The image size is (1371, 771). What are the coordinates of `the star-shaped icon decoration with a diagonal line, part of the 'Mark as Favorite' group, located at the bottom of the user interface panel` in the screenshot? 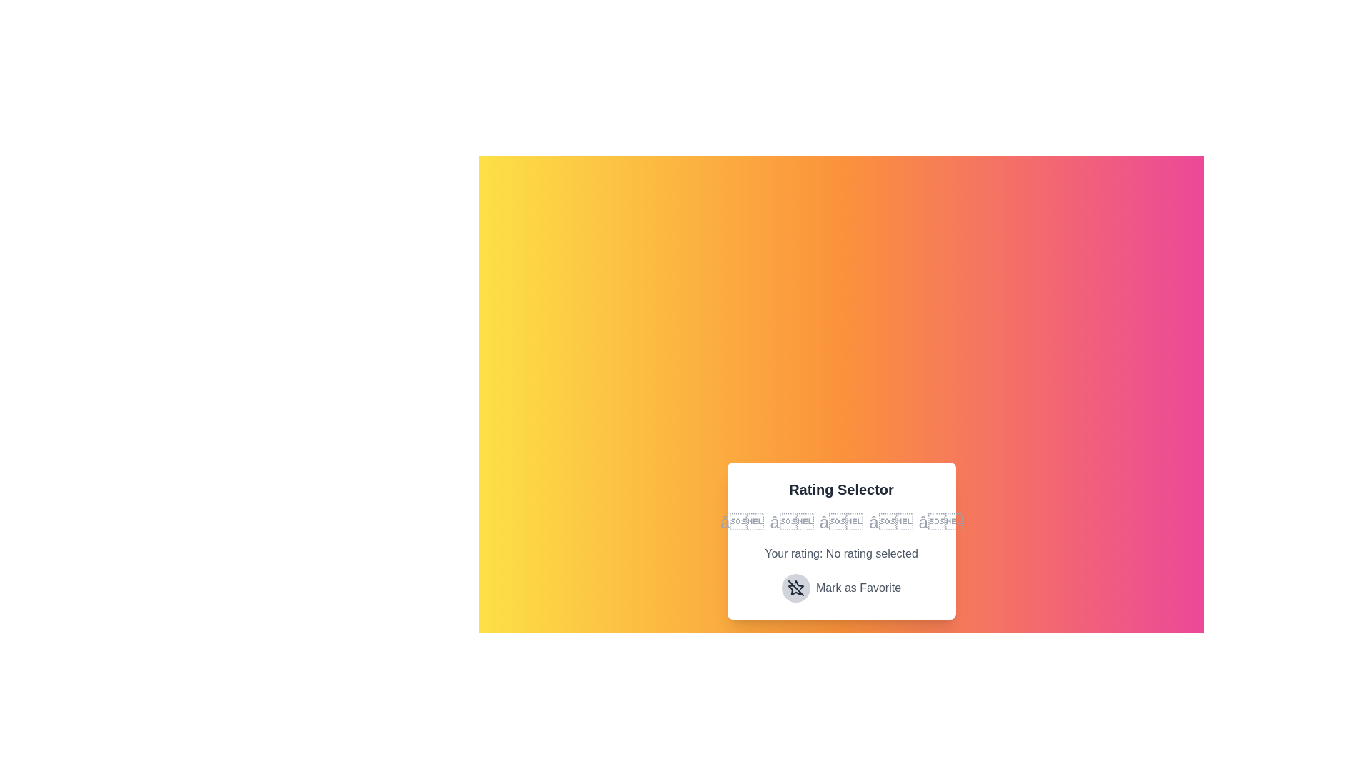 It's located at (795, 588).